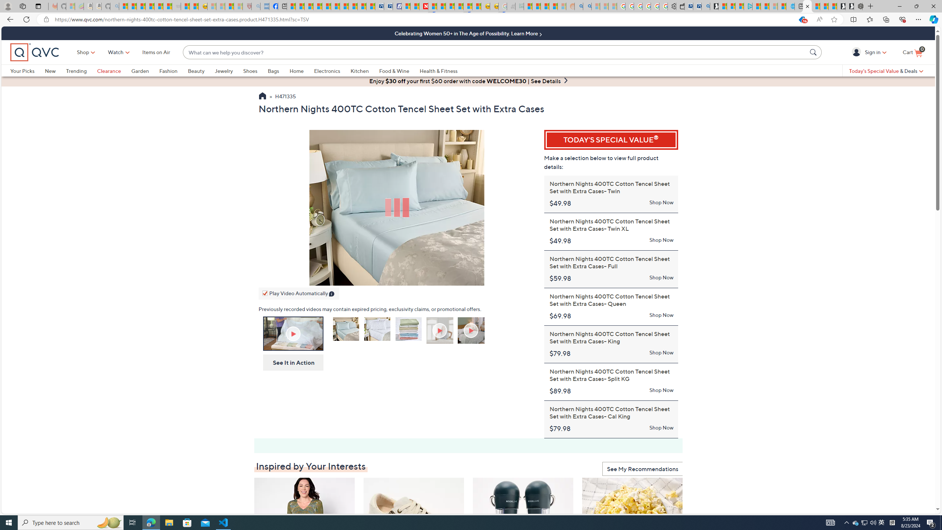 This screenshot has width=942, height=530. Describe the element at coordinates (705, 6) in the screenshot. I see `'Bing Real Estate - Home sales and rental listings'` at that location.